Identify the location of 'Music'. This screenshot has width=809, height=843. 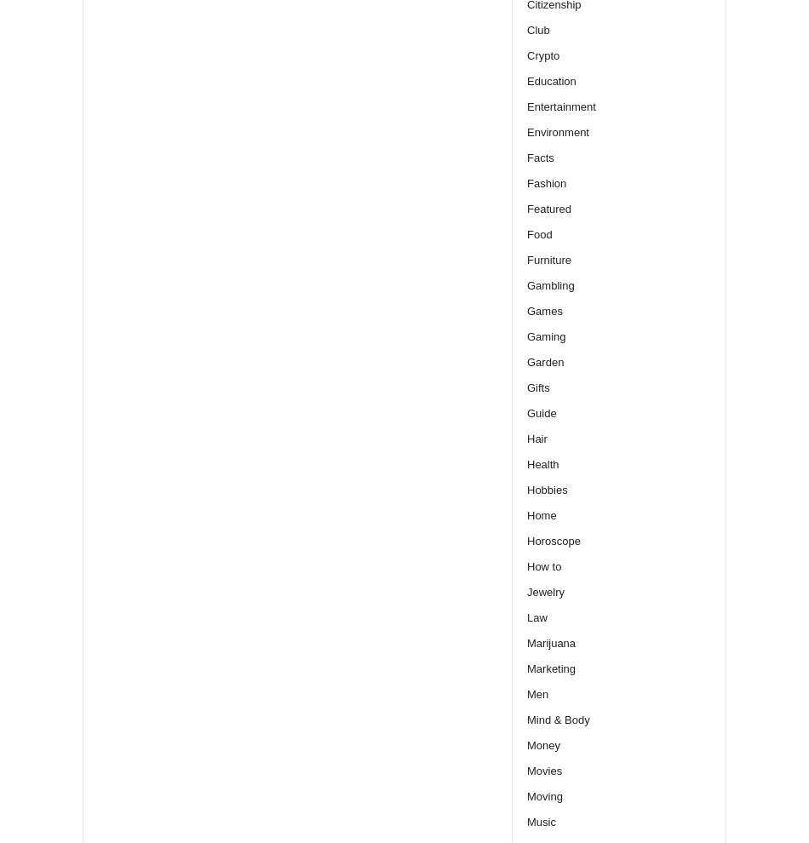
(541, 821).